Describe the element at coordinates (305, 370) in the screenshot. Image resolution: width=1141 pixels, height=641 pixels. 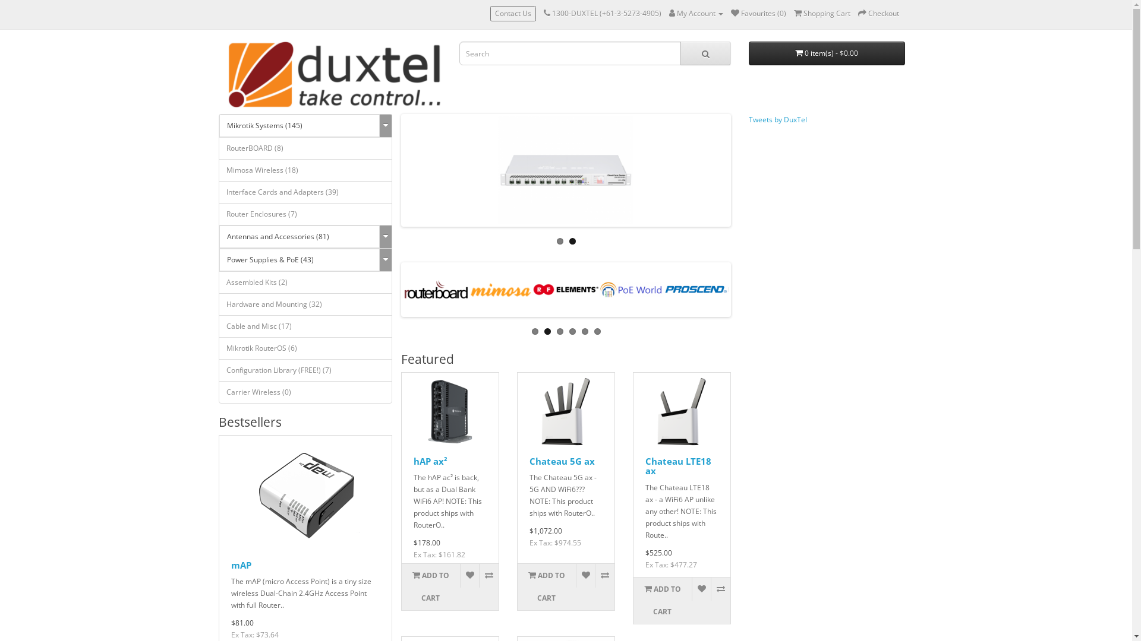
I see `'Configuration Library (FREE!) (7)'` at that location.